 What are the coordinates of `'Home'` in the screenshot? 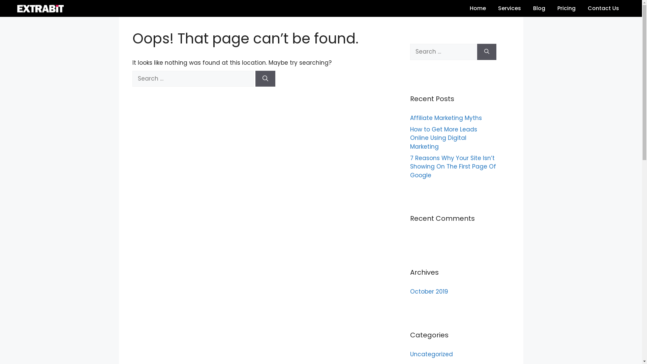 It's located at (477, 8).